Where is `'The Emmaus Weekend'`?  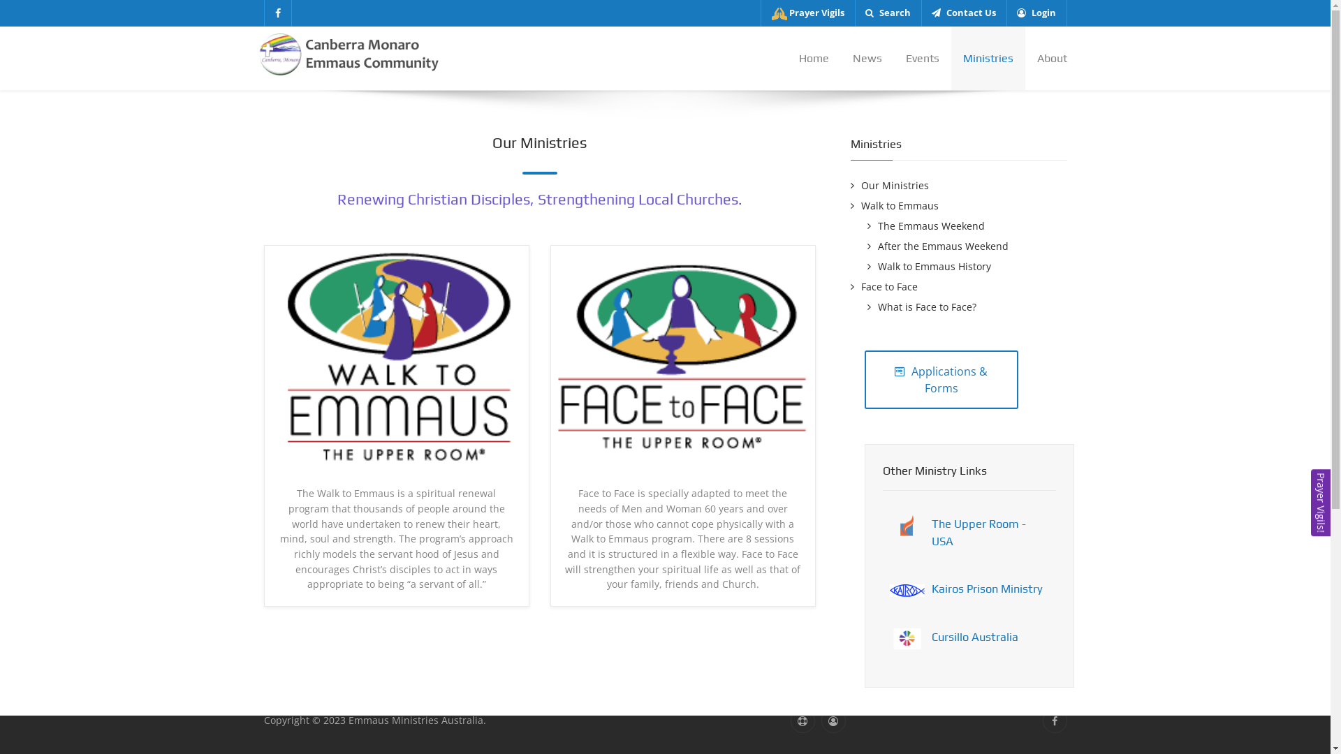
'The Emmaus Weekend' is located at coordinates (925, 225).